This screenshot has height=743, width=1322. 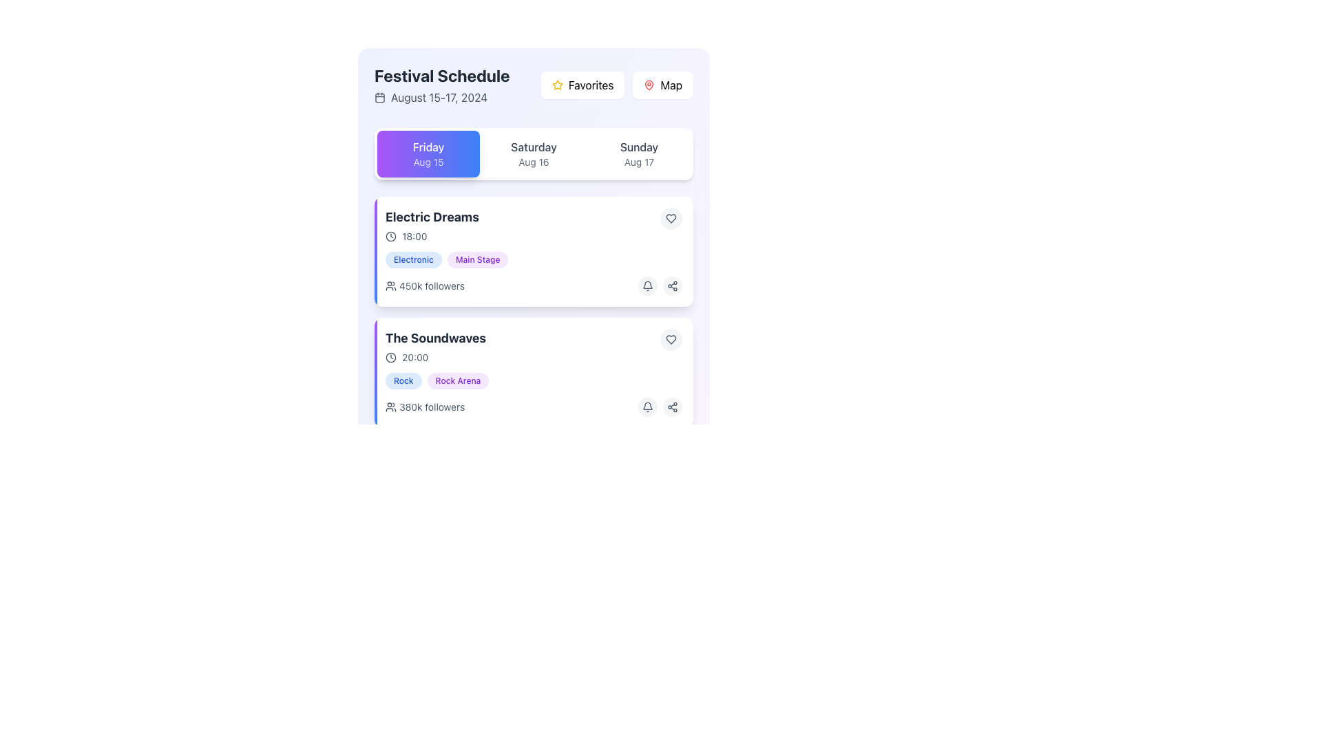 What do you see at coordinates (533, 153) in the screenshot?
I see `the button labeled 'Saturday' with the date 'Aug 16' that is located in the middle of three horizontally aligned day selections above the schedule overview` at bounding box center [533, 153].